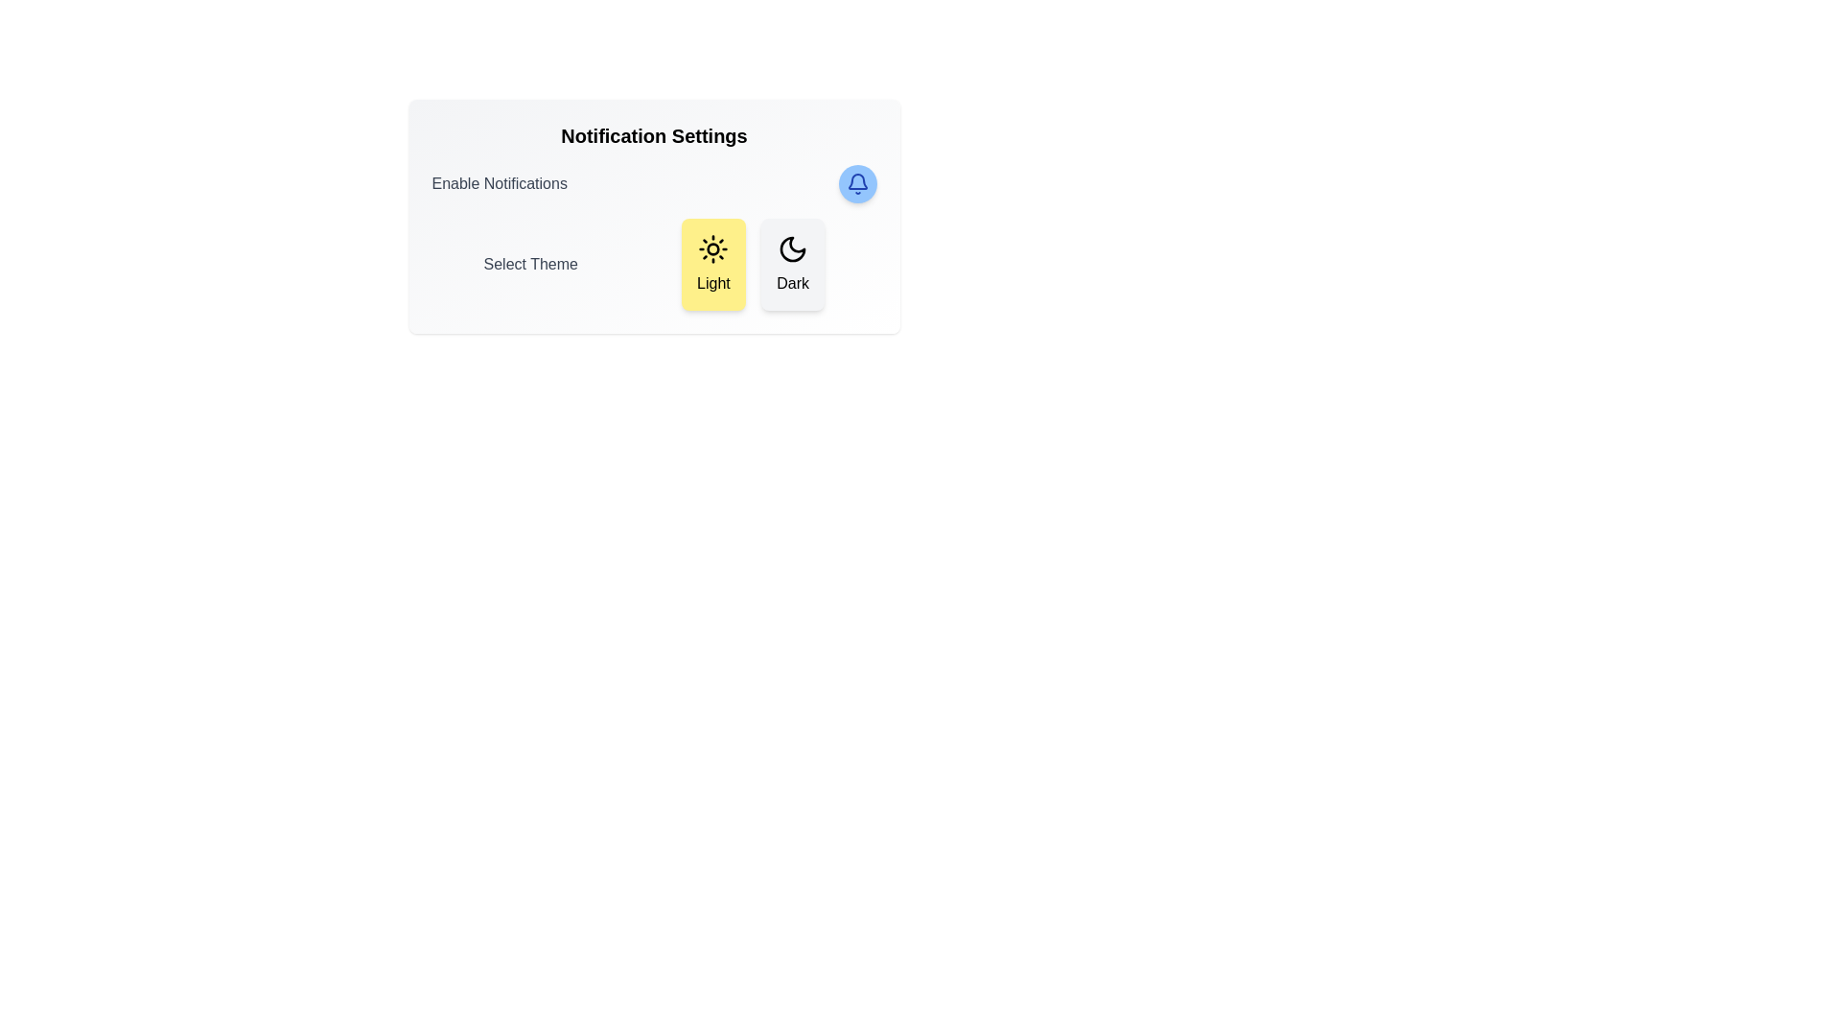 Image resolution: width=1841 pixels, height=1036 pixels. Describe the element at coordinates (793, 265) in the screenshot. I see `the theme button labeled Dark to select the corresponding theme` at that location.